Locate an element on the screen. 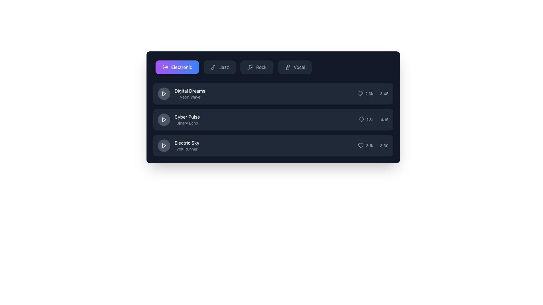 The height and width of the screenshot is (305, 543). the 'Electric Sky' text element, which is displayed in a bold, white font and is positioned in the third row of a list within a dark-themed UI panel is located at coordinates (187, 142).